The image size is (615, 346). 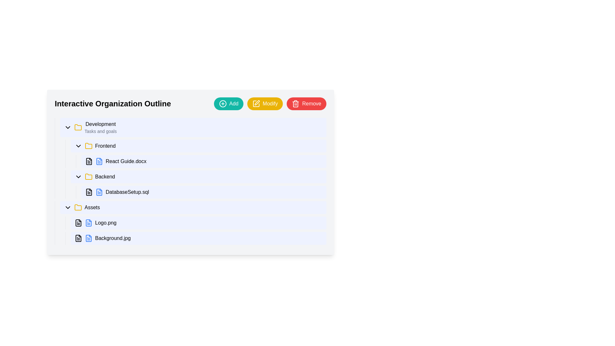 I want to click on the blue-colored document icon within the 'React Guide.docx' row in the 'Frontend' folder of the 'Development' section, so click(x=99, y=161).